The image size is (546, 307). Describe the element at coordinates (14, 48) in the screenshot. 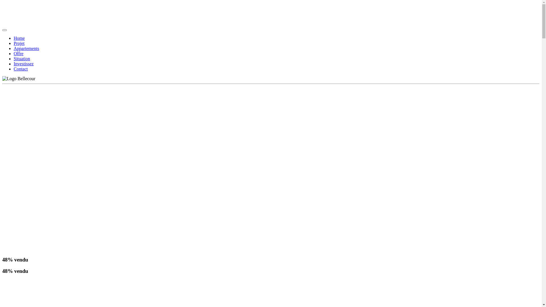

I see `'Appartements'` at that location.